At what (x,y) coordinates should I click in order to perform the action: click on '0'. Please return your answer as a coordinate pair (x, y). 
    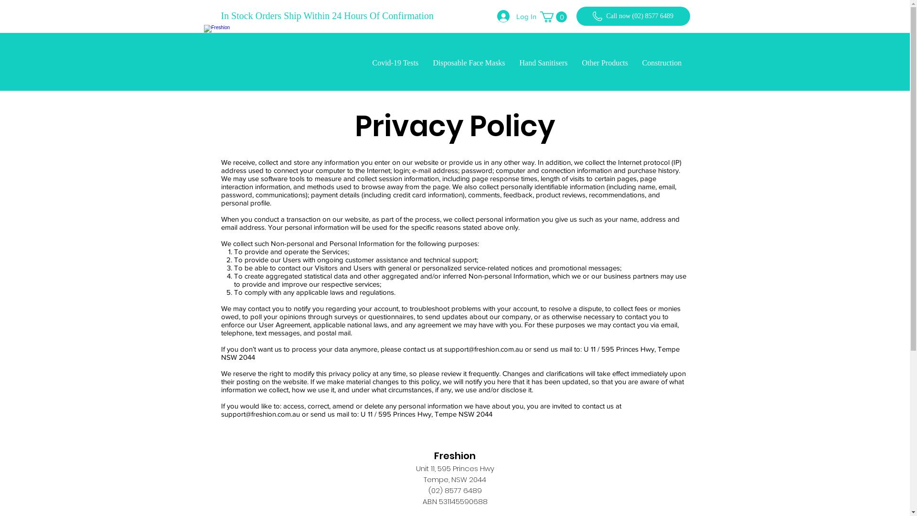
    Looking at the image, I should click on (553, 17).